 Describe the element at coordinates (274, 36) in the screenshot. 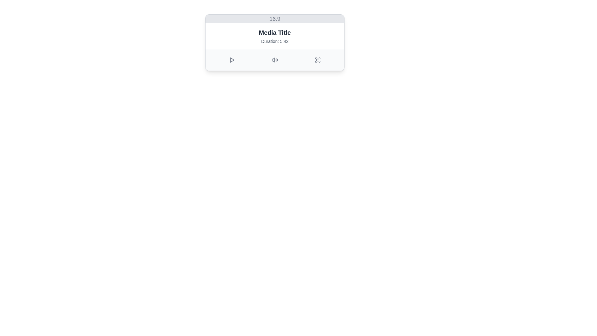

I see `the informational text block that contains the title and duration information for a media item, which is located below the header displaying '16:9'` at that location.